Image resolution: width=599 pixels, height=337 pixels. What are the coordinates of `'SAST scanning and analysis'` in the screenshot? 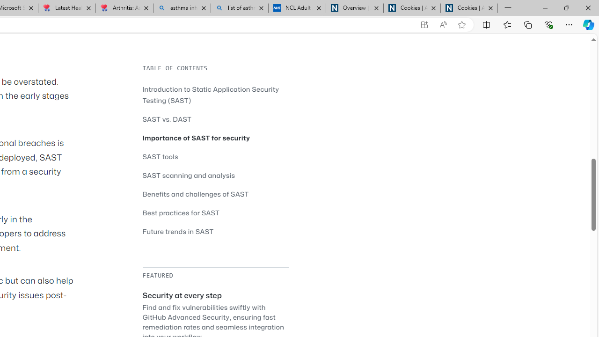 It's located at (215, 175).